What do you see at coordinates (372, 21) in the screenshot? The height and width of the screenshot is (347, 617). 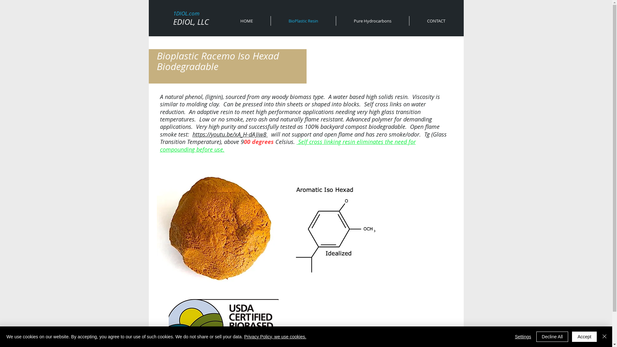 I see `'Pure Hydrocarbons'` at bounding box center [372, 21].